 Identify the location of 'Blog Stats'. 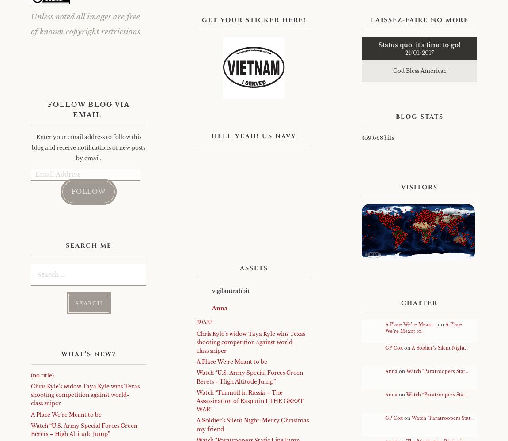
(419, 117).